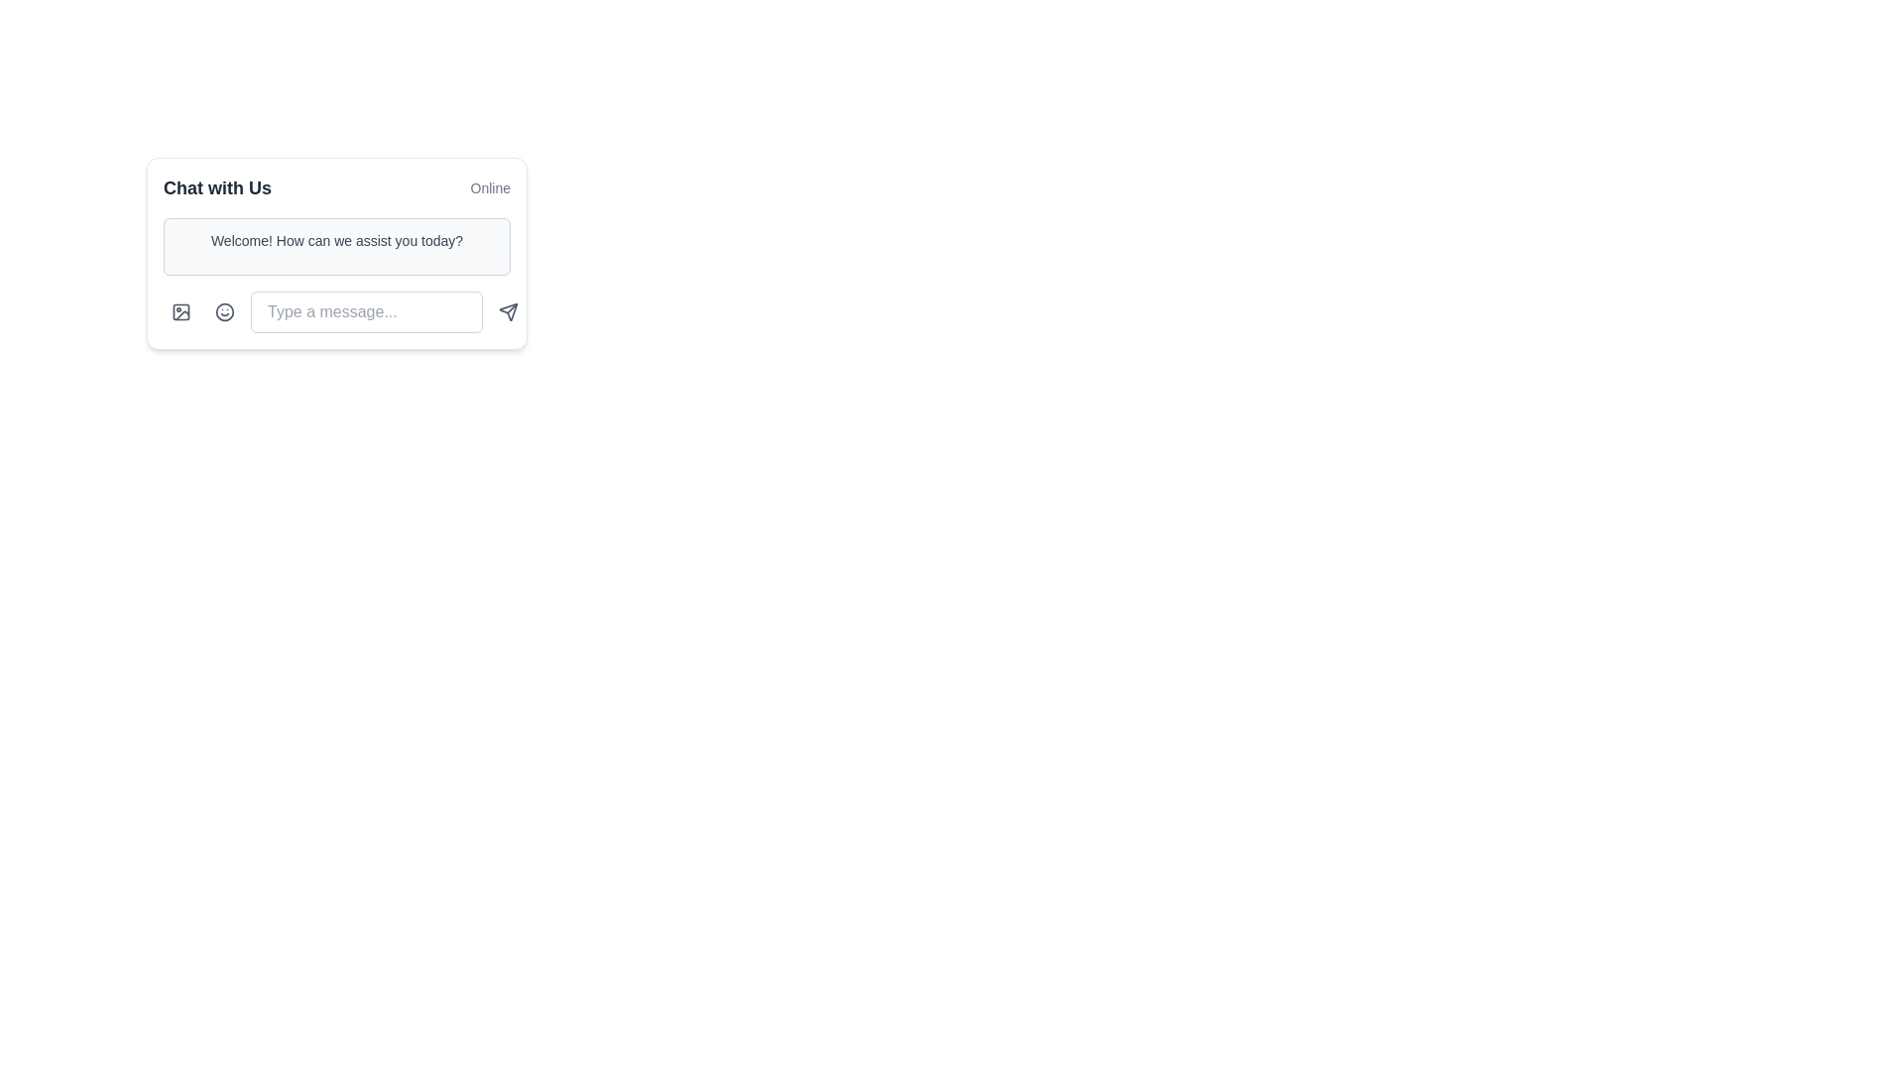  What do you see at coordinates (224, 312) in the screenshot?
I see `the circular button with a smiley face icon` at bounding box center [224, 312].